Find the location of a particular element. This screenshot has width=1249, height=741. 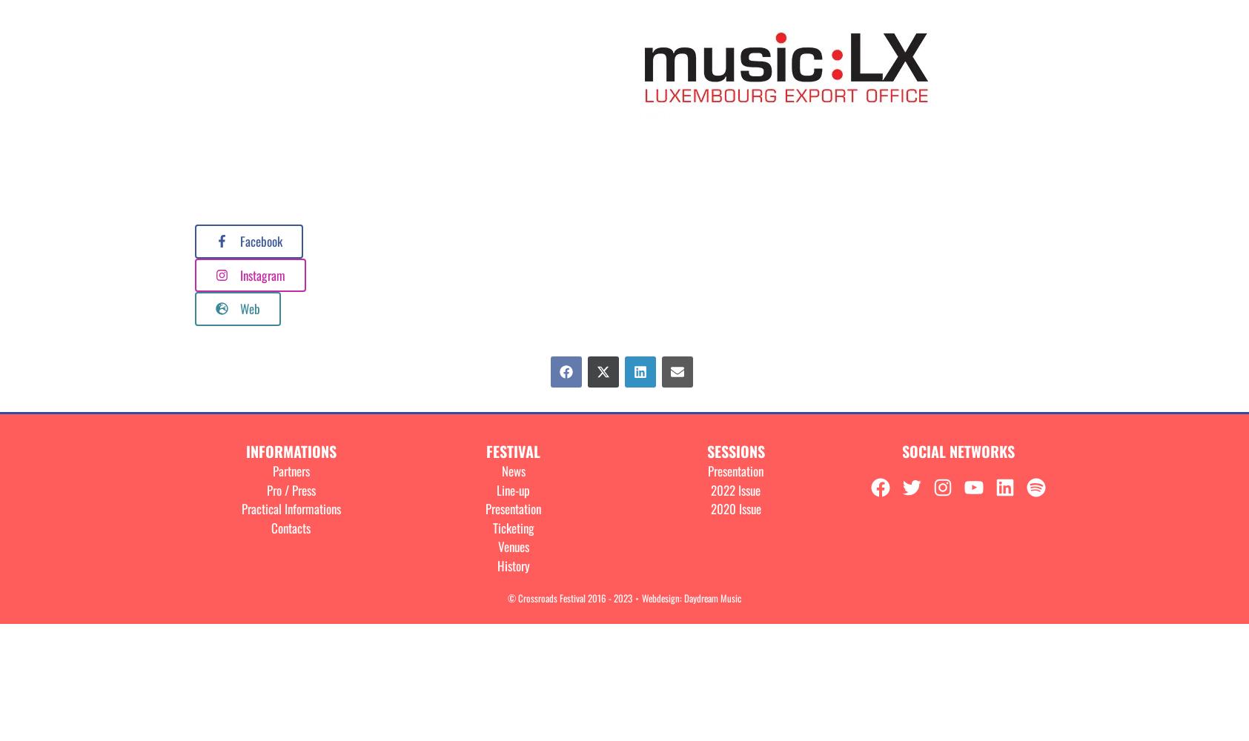

'Ticketing' is located at coordinates (512, 526).